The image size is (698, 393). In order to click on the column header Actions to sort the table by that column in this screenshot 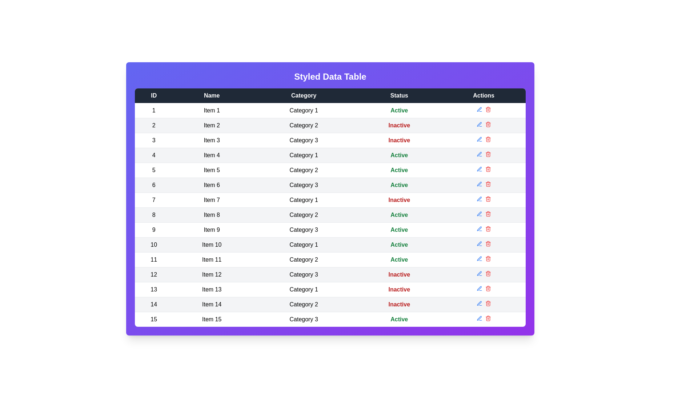, I will do `click(484, 95)`.